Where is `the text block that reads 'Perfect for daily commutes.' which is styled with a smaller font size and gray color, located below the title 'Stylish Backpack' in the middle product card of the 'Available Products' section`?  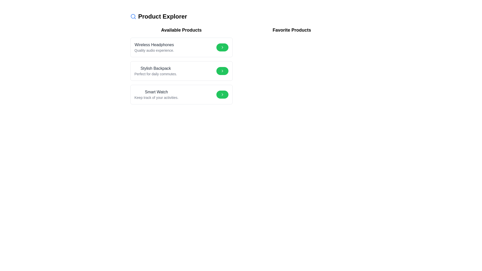 the text block that reads 'Perfect for daily commutes.' which is styled with a smaller font size and gray color, located below the title 'Stylish Backpack' in the middle product card of the 'Available Products' section is located at coordinates (155, 74).